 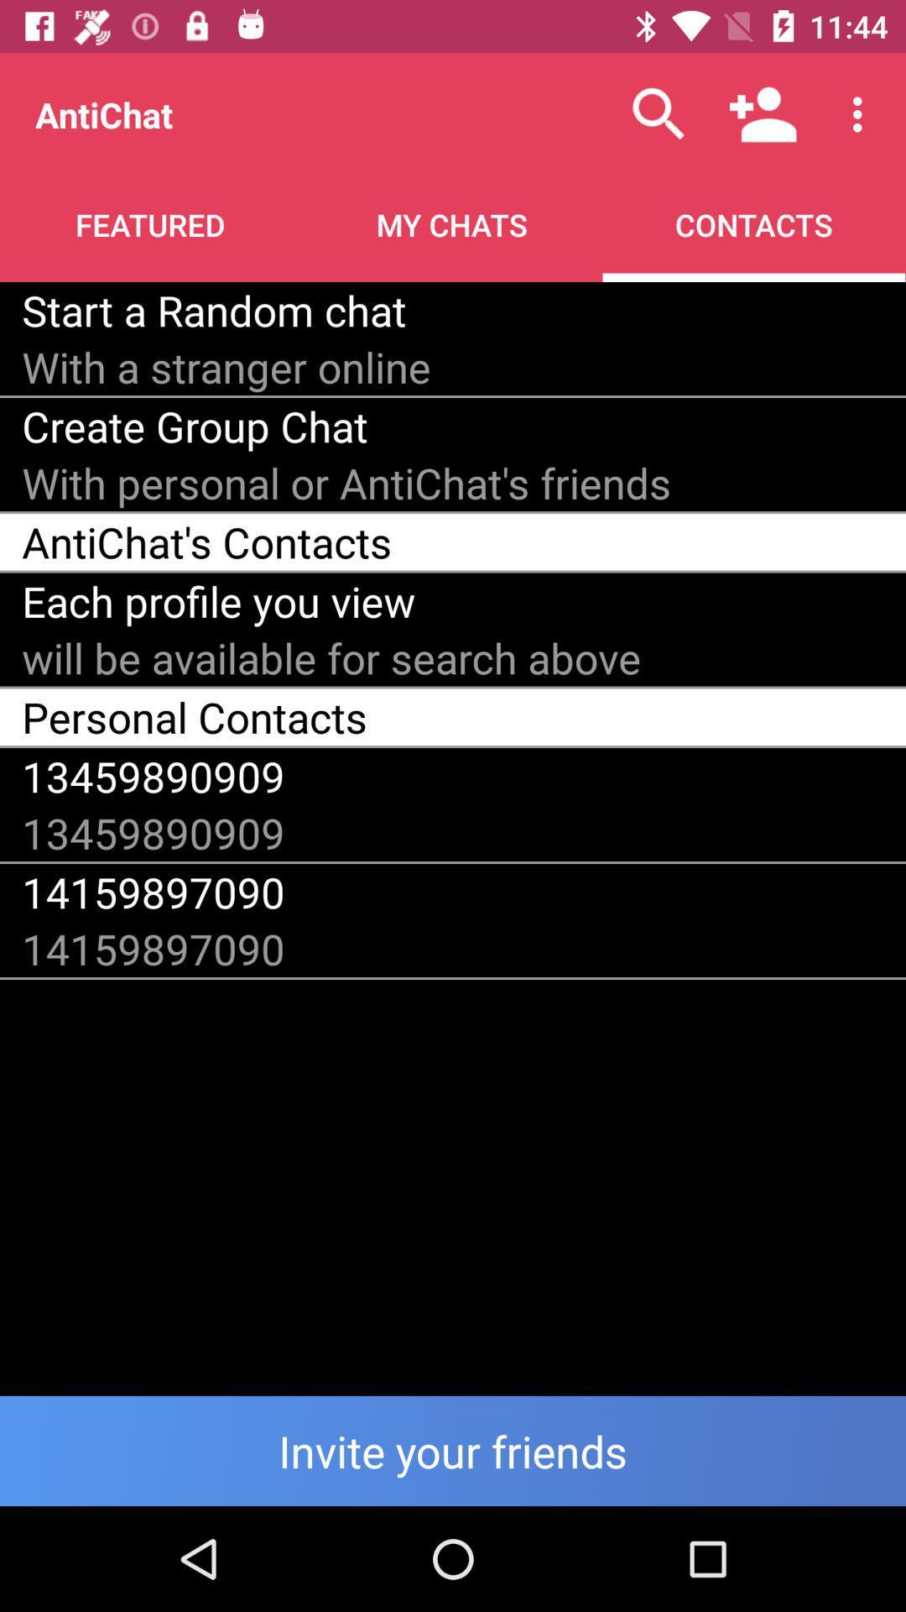 What do you see at coordinates (194, 717) in the screenshot?
I see `item above 13459890909 icon` at bounding box center [194, 717].